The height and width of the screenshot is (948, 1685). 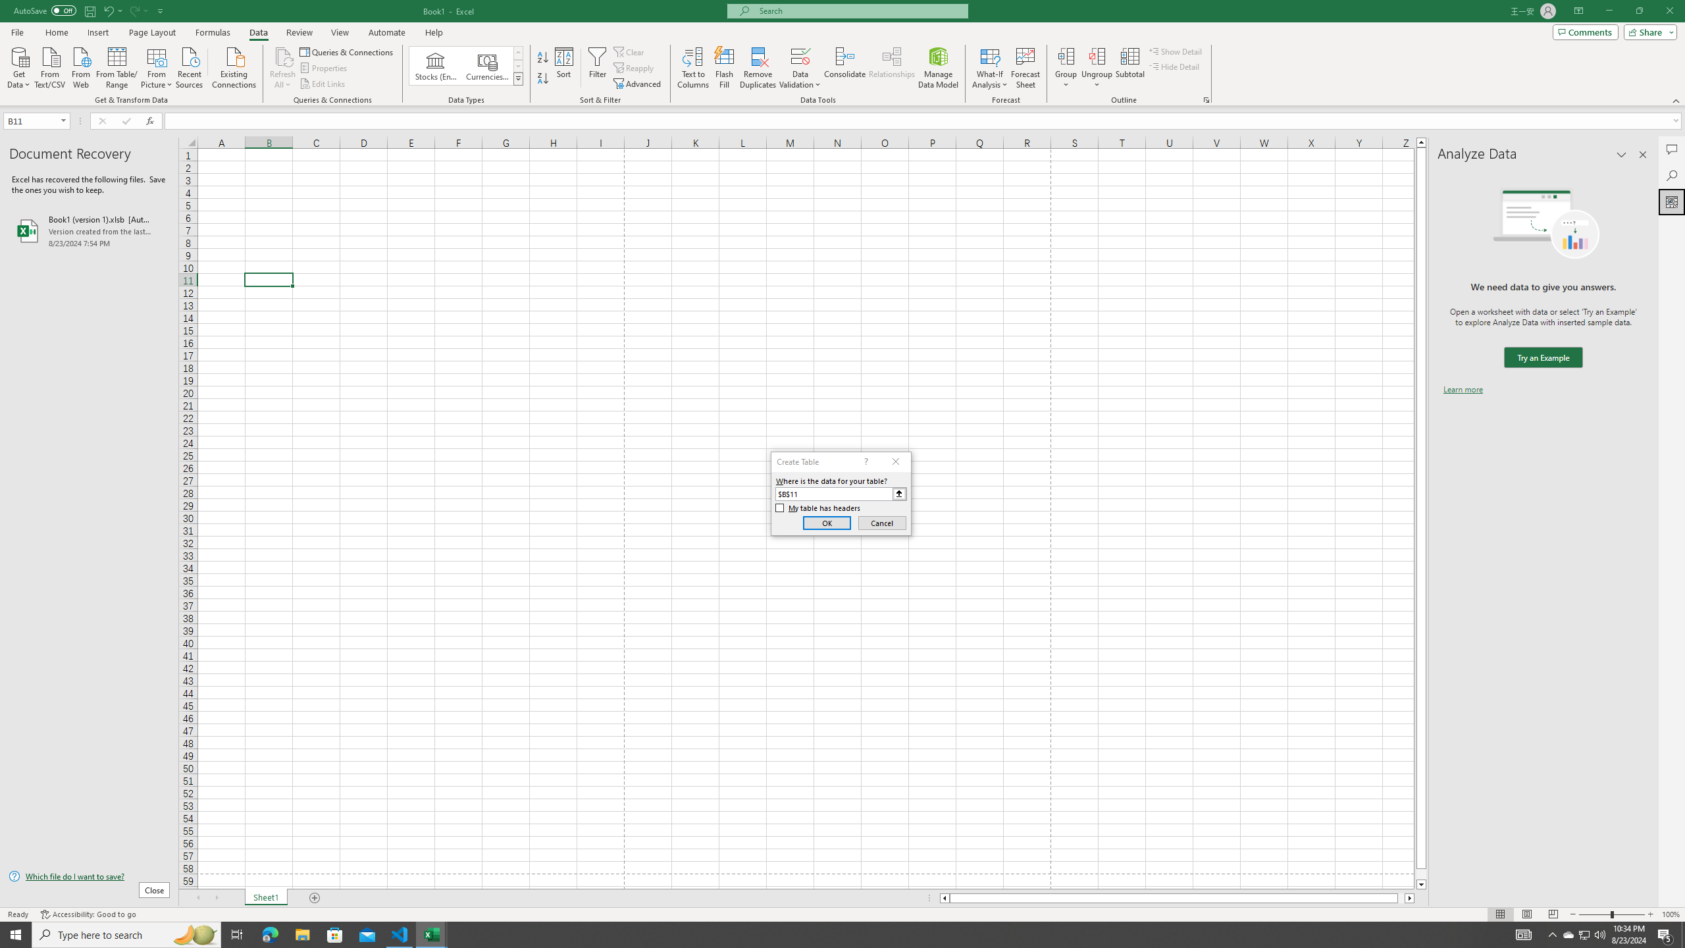 I want to click on 'Search', so click(x=1671, y=176).